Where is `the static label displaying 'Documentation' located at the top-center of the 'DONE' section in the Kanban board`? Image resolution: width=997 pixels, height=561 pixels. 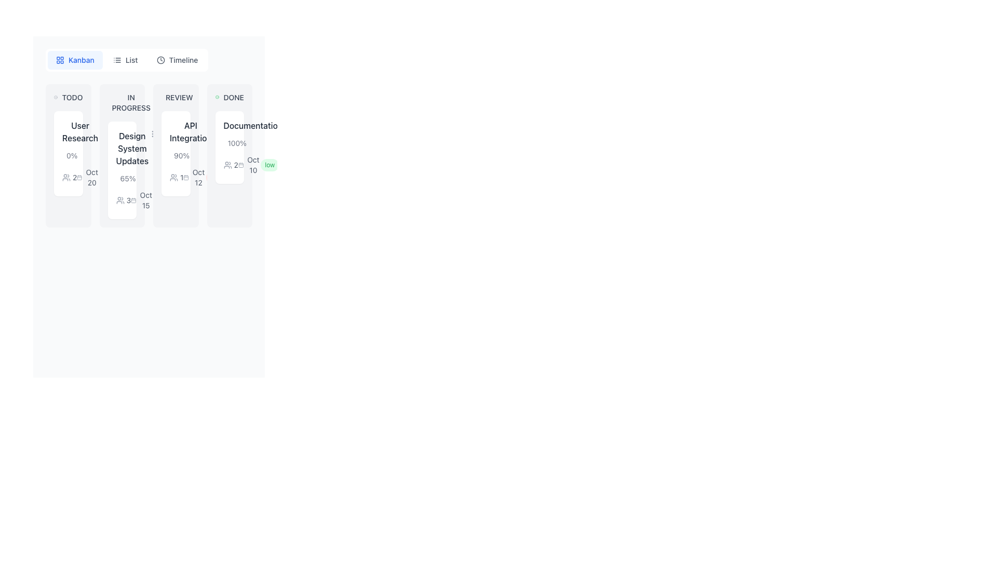
the static label displaying 'Documentation' located at the top-center of the 'DONE' section in the Kanban board is located at coordinates (253, 125).